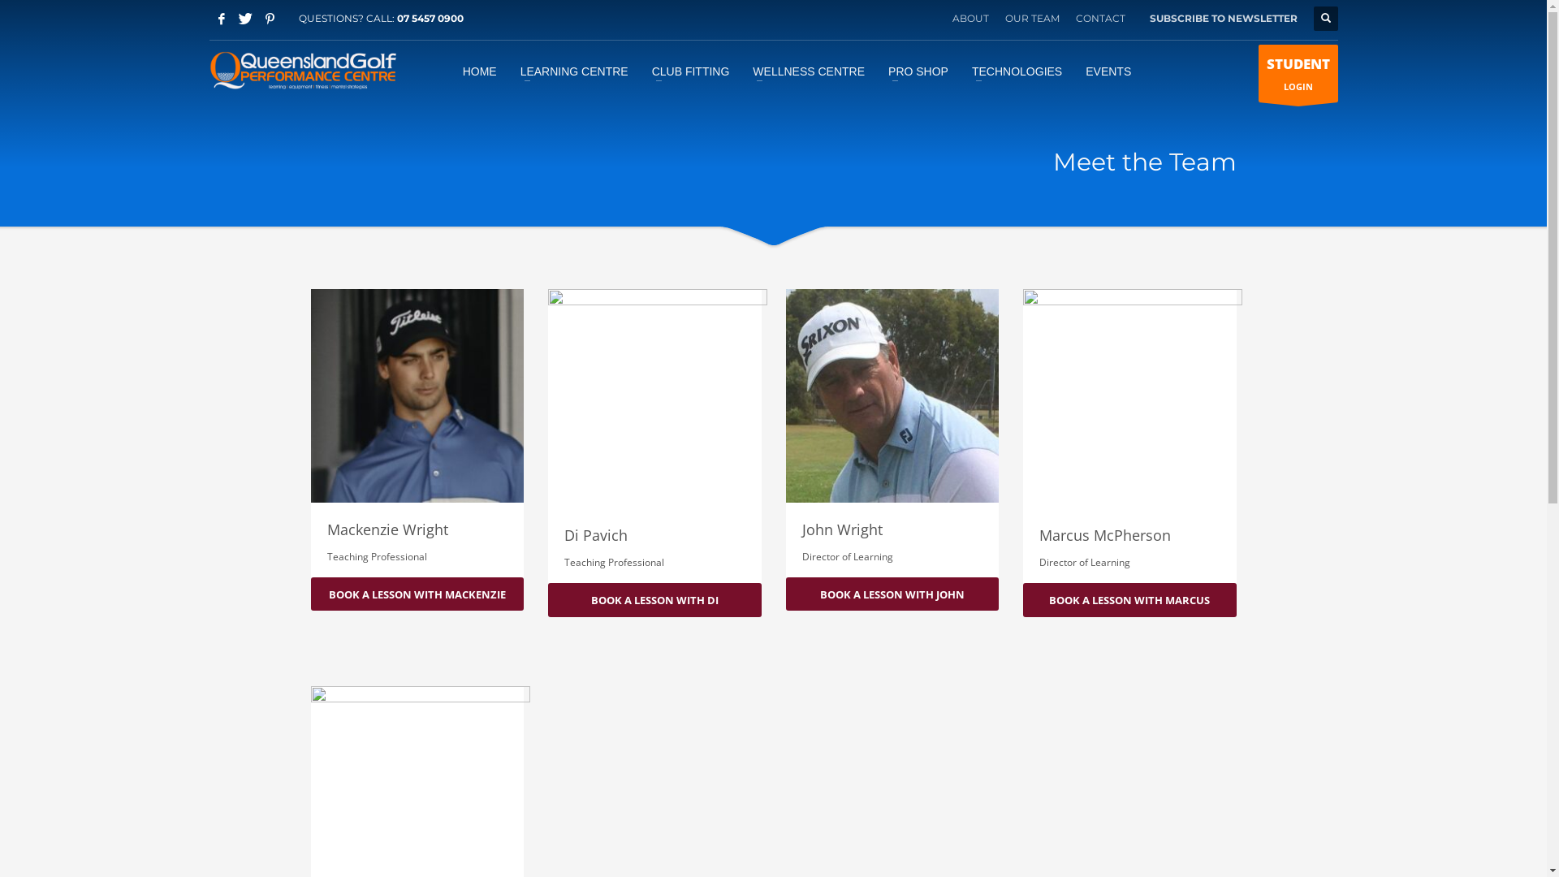 The height and width of the screenshot is (877, 1559). Describe the element at coordinates (892, 432) in the screenshot. I see `'John Wright` at that location.